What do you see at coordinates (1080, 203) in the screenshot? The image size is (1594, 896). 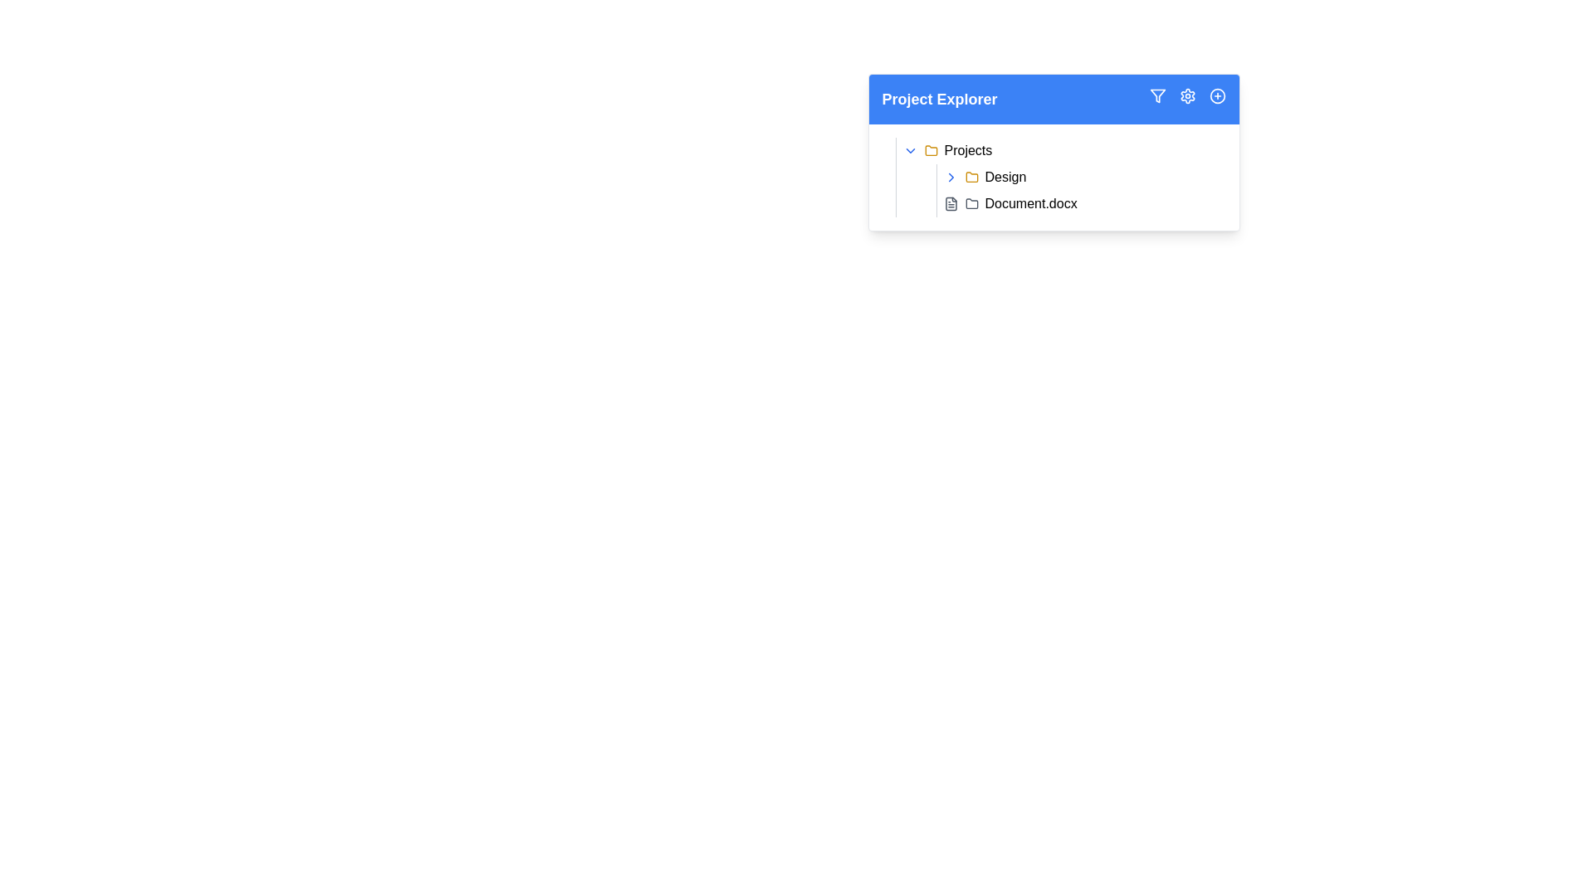 I see `the file labeled 'Document.docx' located` at bounding box center [1080, 203].